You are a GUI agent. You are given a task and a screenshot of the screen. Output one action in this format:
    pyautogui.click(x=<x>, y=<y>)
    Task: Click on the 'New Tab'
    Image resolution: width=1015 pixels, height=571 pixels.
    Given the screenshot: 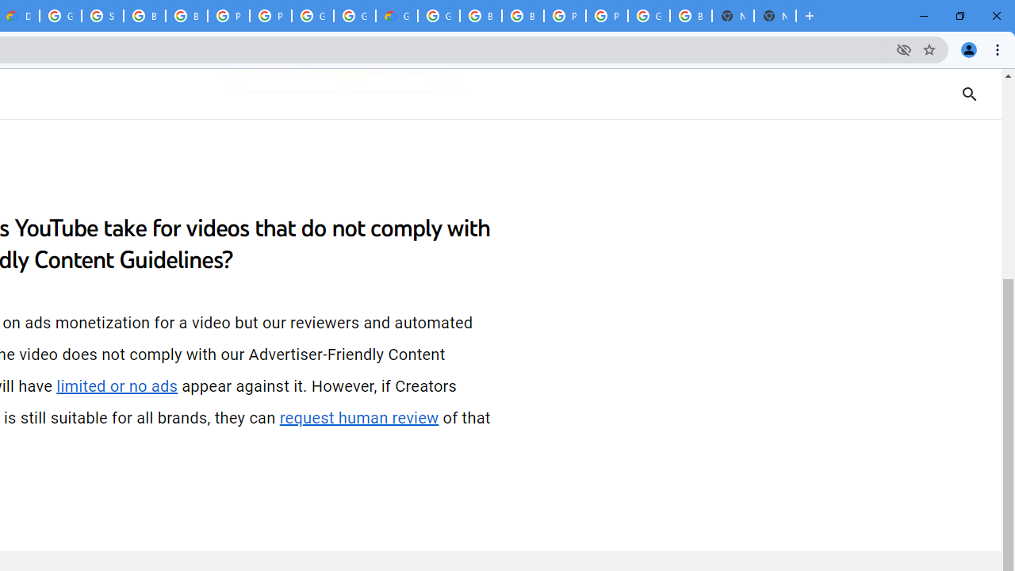 What is the action you would take?
    pyautogui.click(x=775, y=16)
    